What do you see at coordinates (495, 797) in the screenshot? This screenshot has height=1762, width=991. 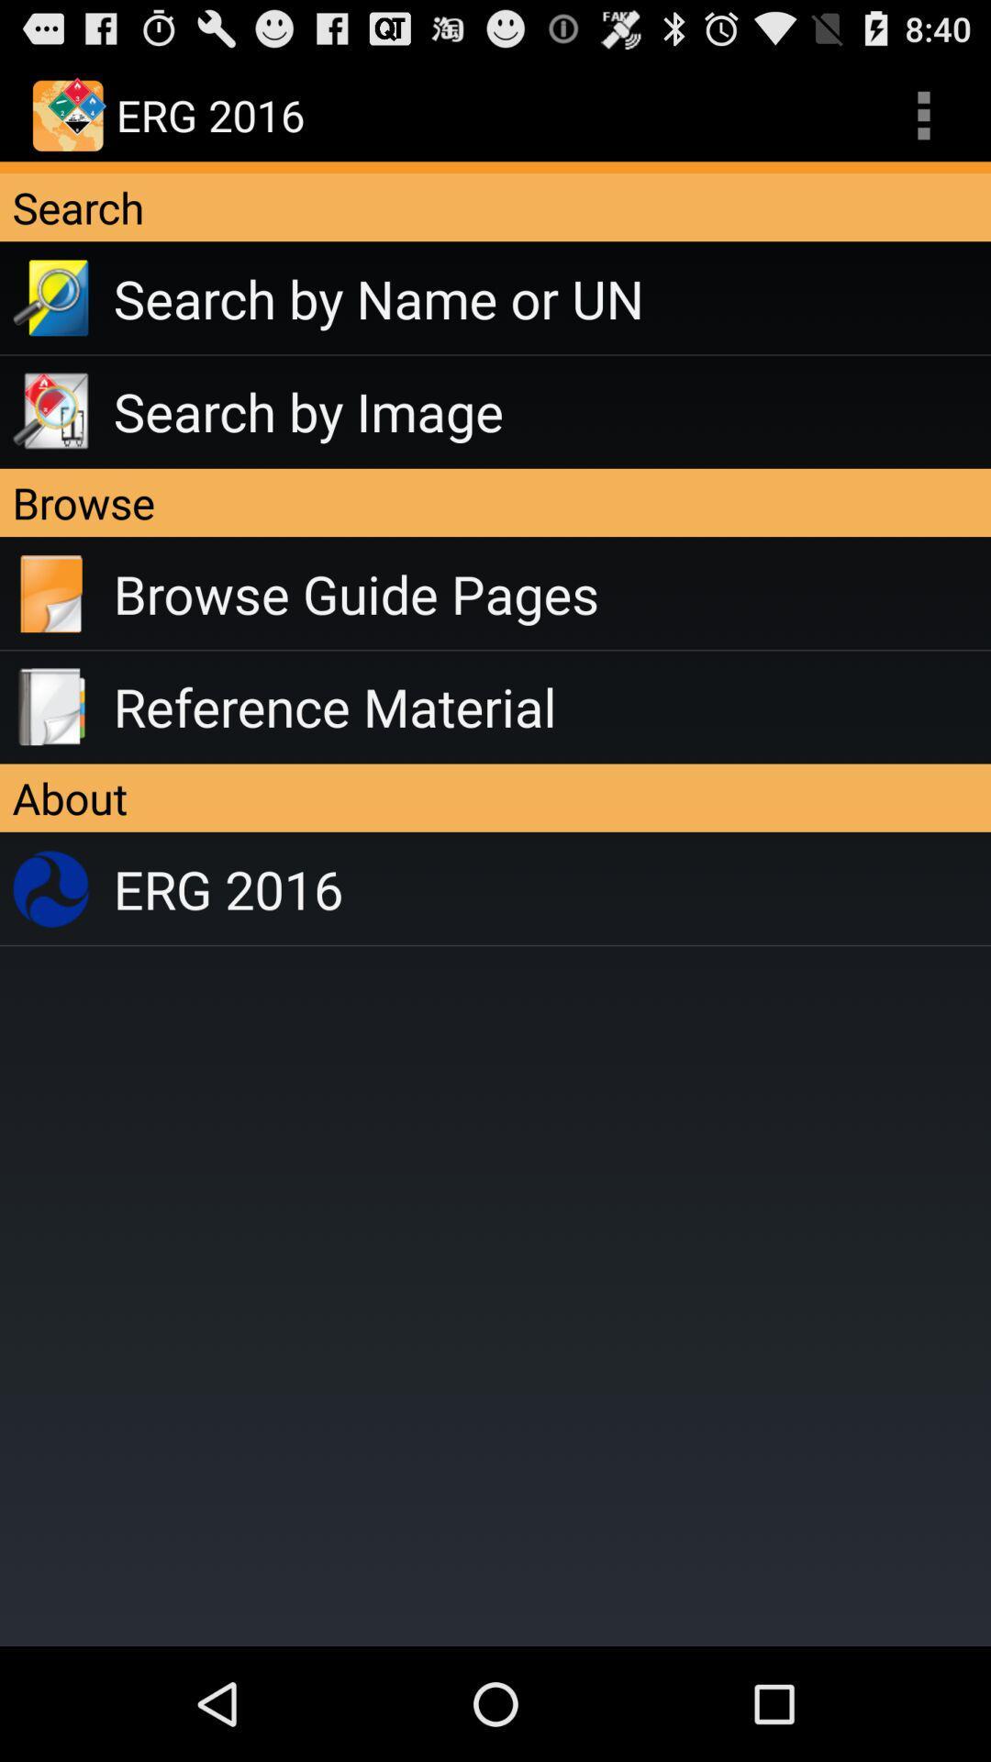 I see `about` at bounding box center [495, 797].